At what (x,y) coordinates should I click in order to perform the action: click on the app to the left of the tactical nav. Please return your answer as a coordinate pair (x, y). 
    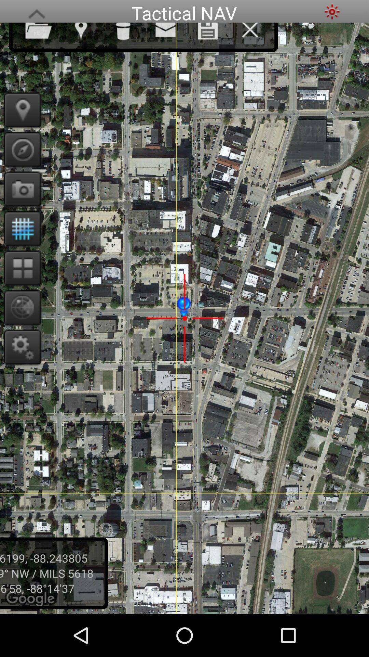
    Looking at the image, I should click on (37, 11).